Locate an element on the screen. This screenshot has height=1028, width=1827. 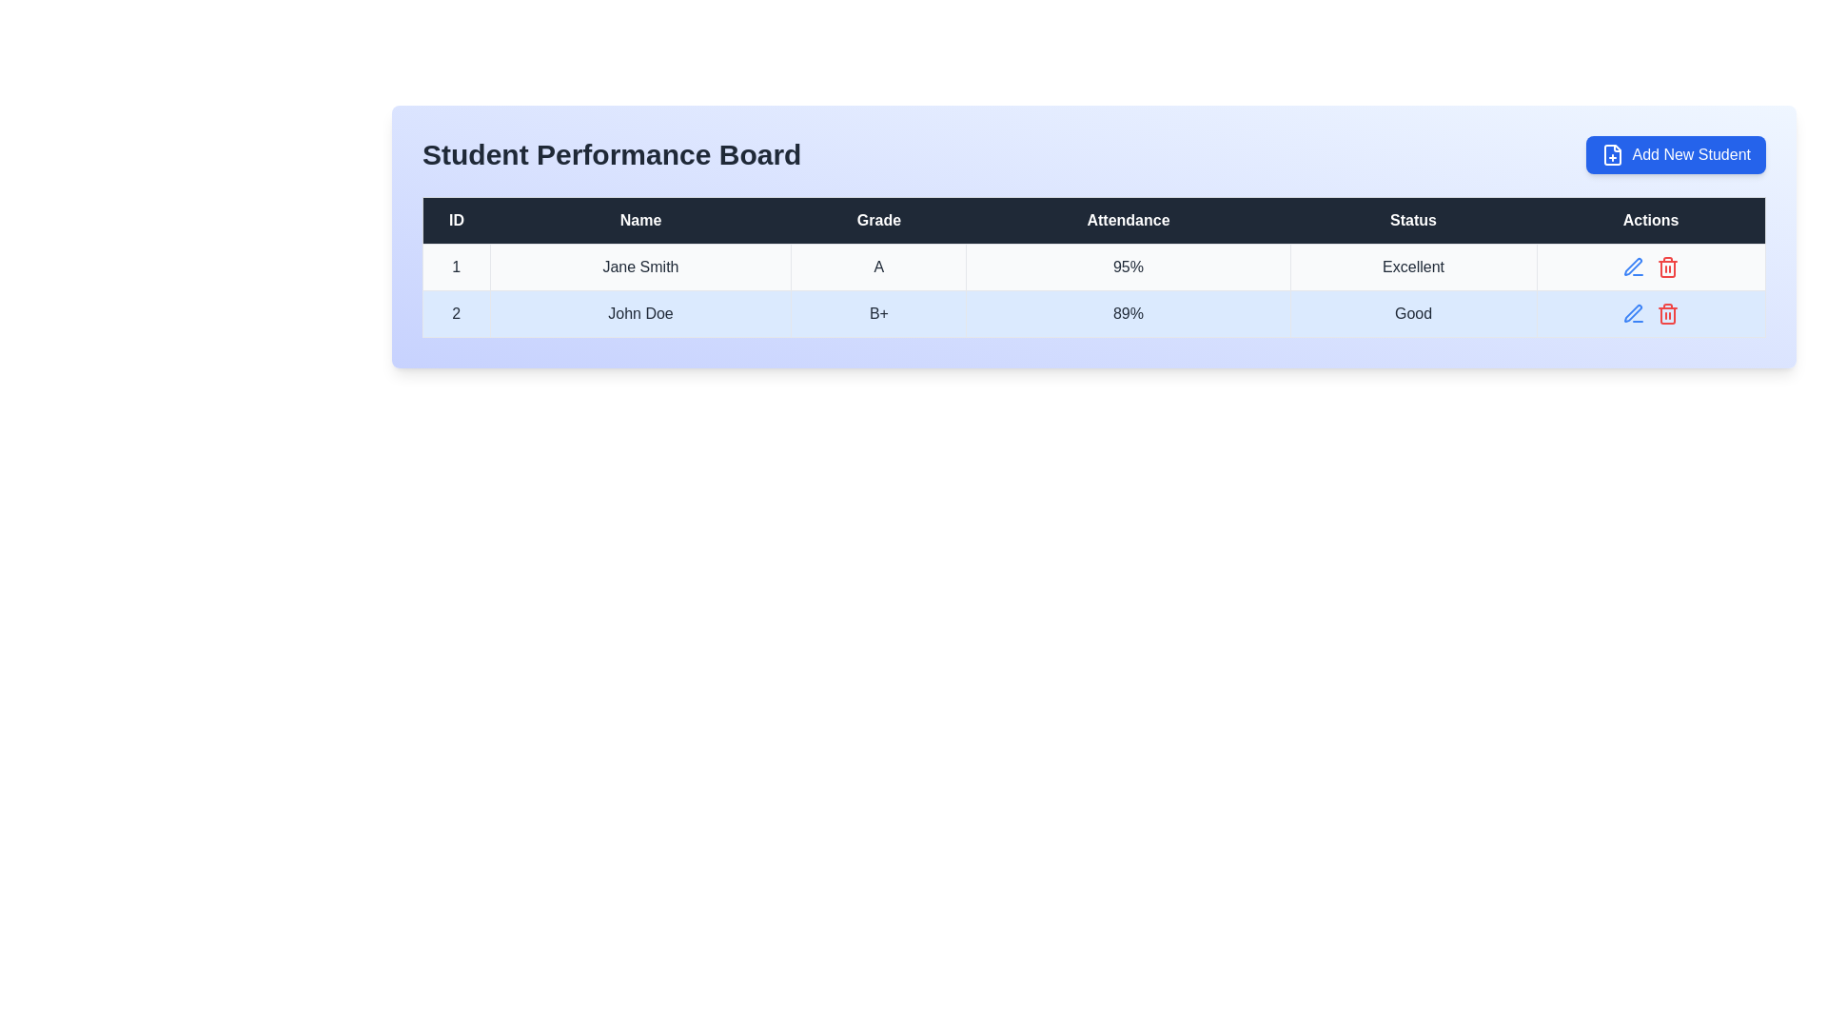
the table cell containing the number '1', styled in a standard sans-serif font is located at coordinates (455, 267).